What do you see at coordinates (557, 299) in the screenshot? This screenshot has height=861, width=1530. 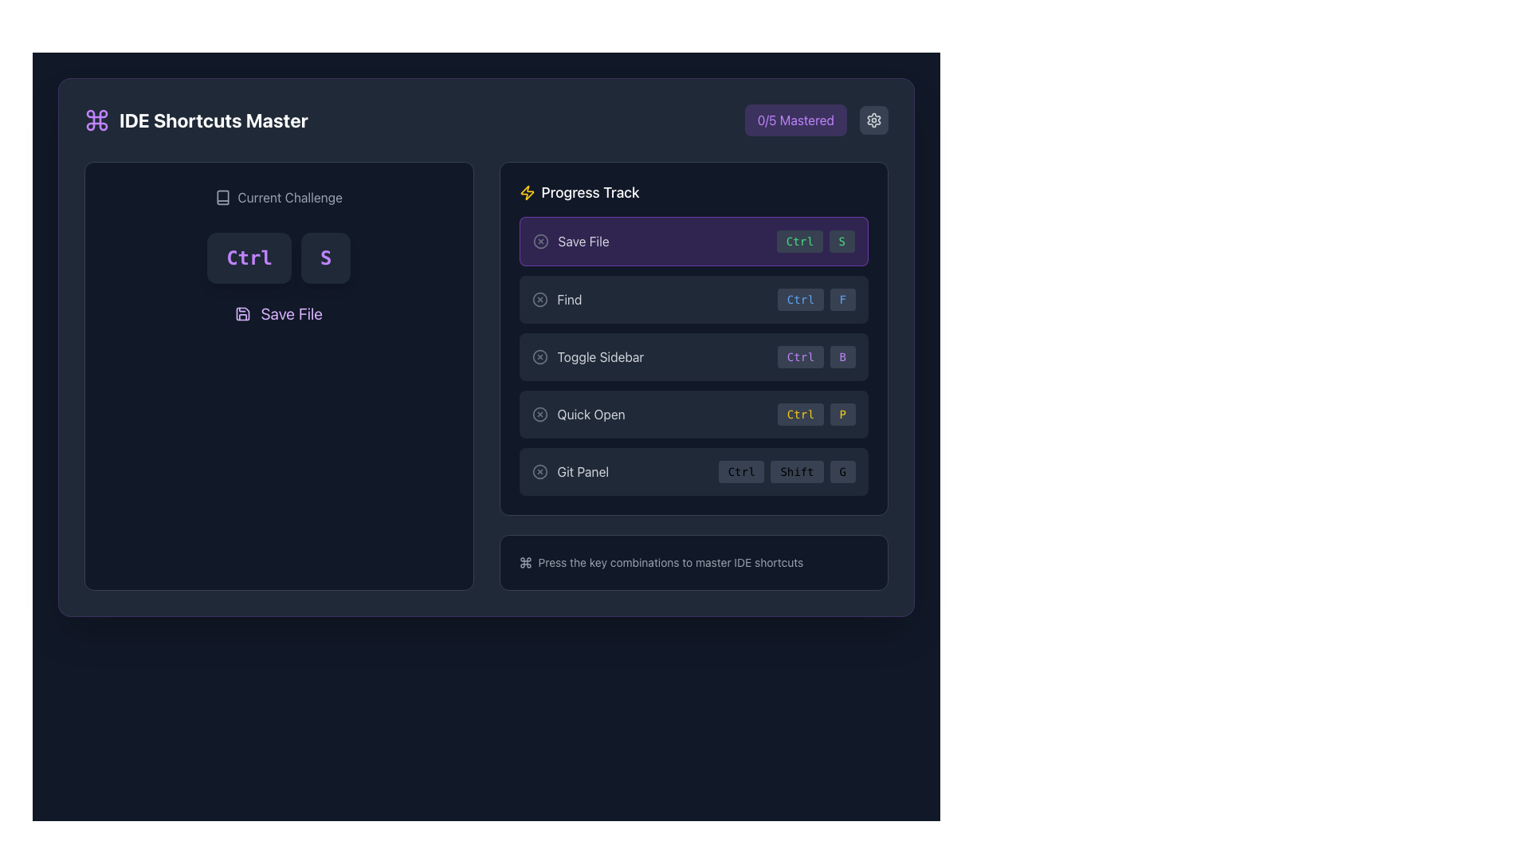 I see `the label with an associated icon for the search functionality located in the second row of the 'Progress Track' panel, positioned leftmost adjacent to additional information` at bounding box center [557, 299].